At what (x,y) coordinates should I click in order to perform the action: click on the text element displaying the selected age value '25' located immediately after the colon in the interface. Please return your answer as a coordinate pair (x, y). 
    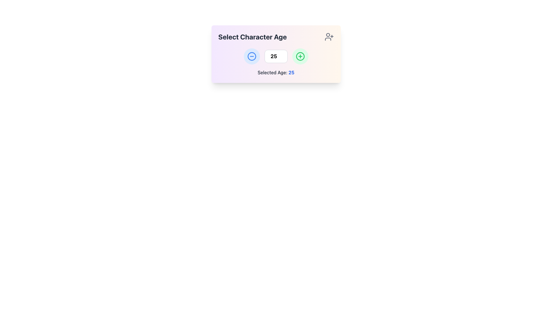
    Looking at the image, I should click on (291, 72).